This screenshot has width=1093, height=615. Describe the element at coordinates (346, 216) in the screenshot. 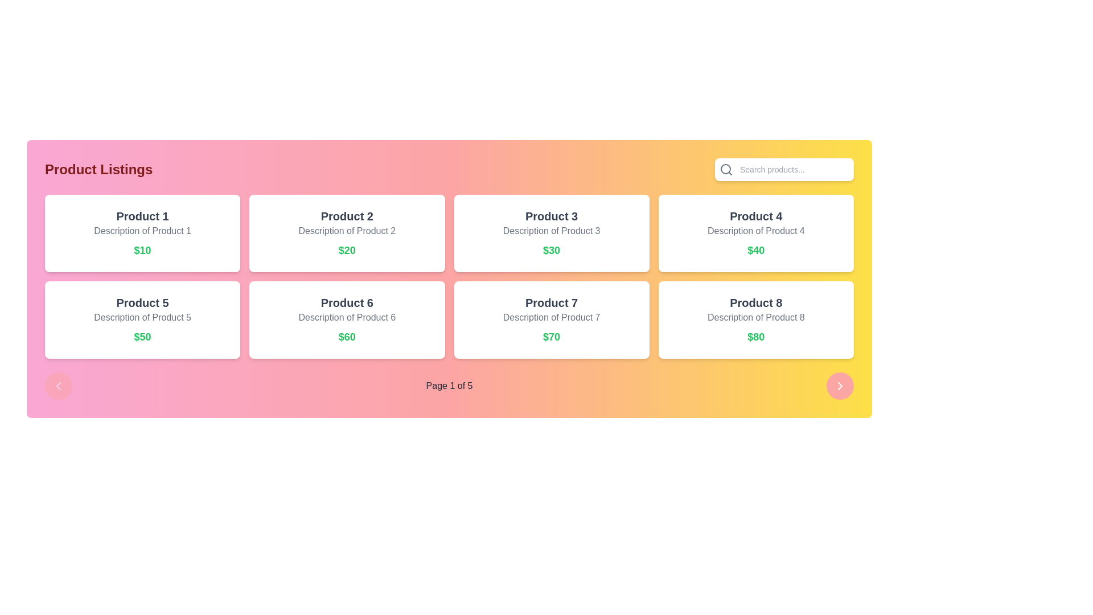

I see `the static text label that displays 'Product 2' in bold, larger dark gray font, located at the top of the second white card in the product grid` at that location.